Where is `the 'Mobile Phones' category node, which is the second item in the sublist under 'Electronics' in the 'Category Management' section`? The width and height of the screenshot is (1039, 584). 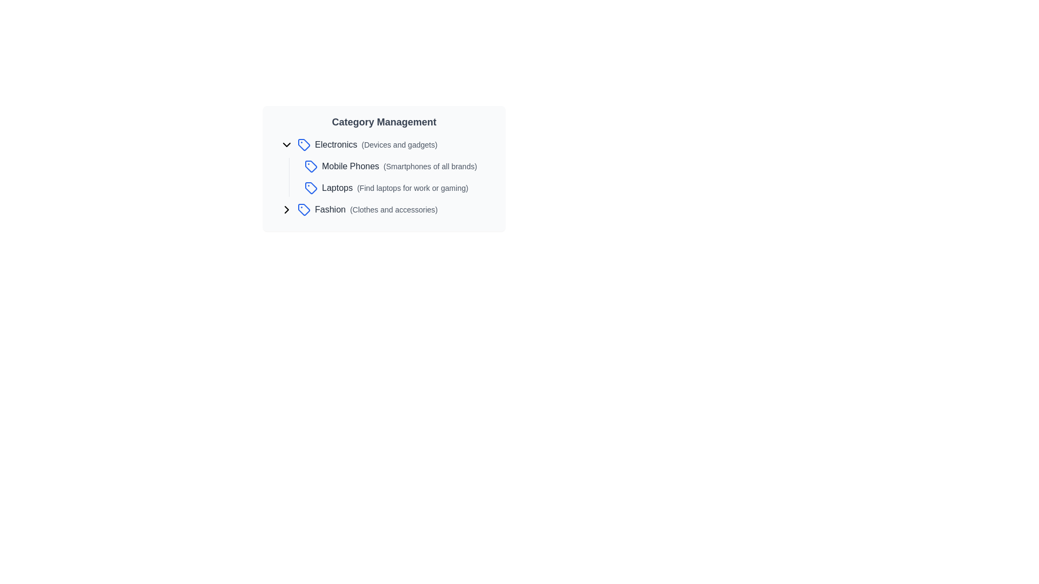 the 'Mobile Phones' category node, which is the second item in the sublist under 'Electronics' in the 'Category Management' section is located at coordinates (389, 167).